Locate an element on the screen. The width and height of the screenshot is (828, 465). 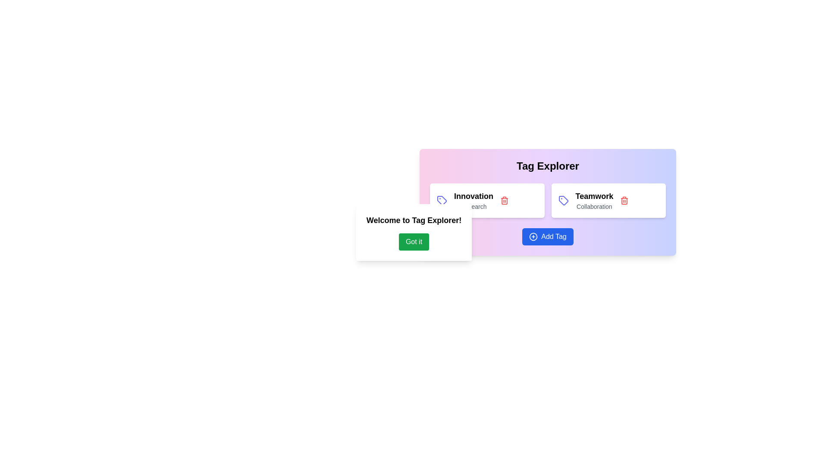
the SVG-based tag icon representing 'Innovation' located in the top-left corner of the first card under 'Tag Explorer' is located at coordinates (442, 201).